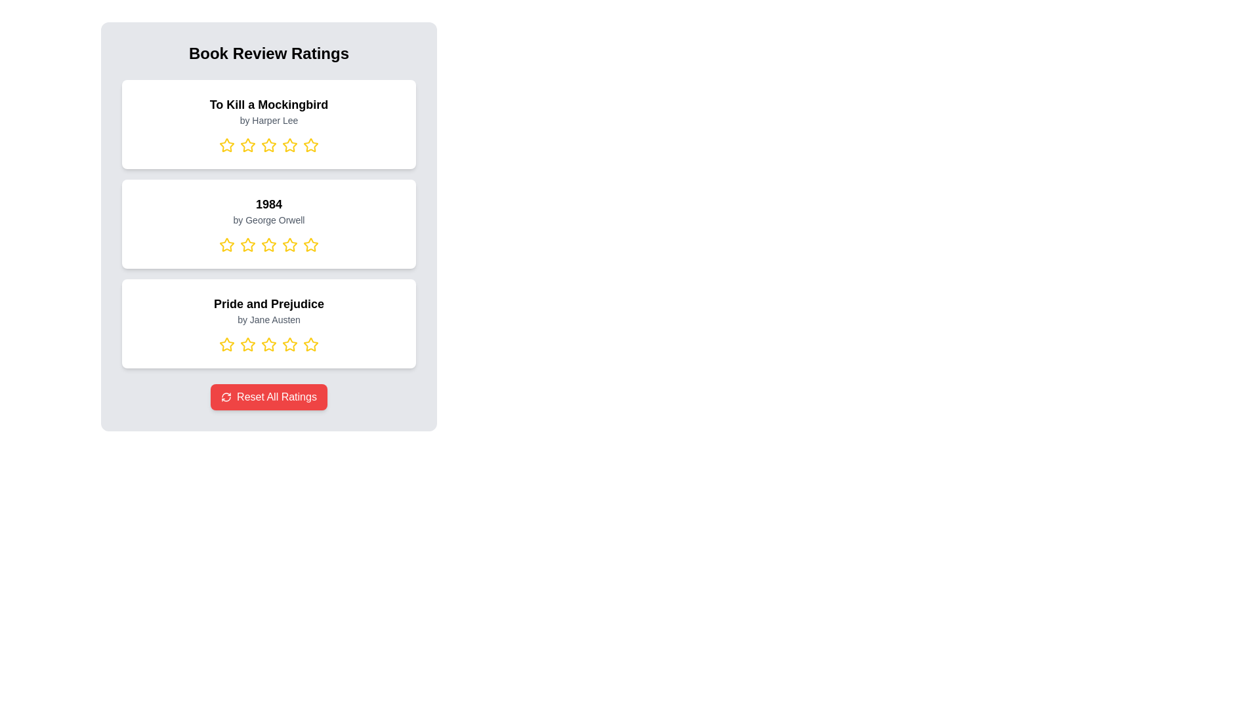 This screenshot has height=708, width=1260. Describe the element at coordinates (226, 245) in the screenshot. I see `the rating for a book by selecting 1 stars for the book titled 1984` at that location.